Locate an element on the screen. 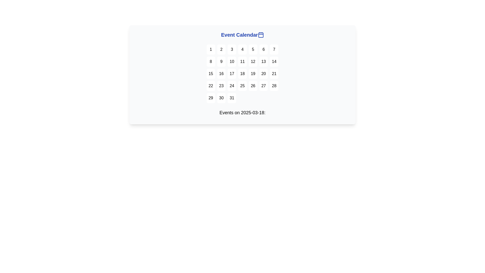 The image size is (485, 273). the rectangular button displaying the number '30' in the calendar grid is located at coordinates (221, 98).